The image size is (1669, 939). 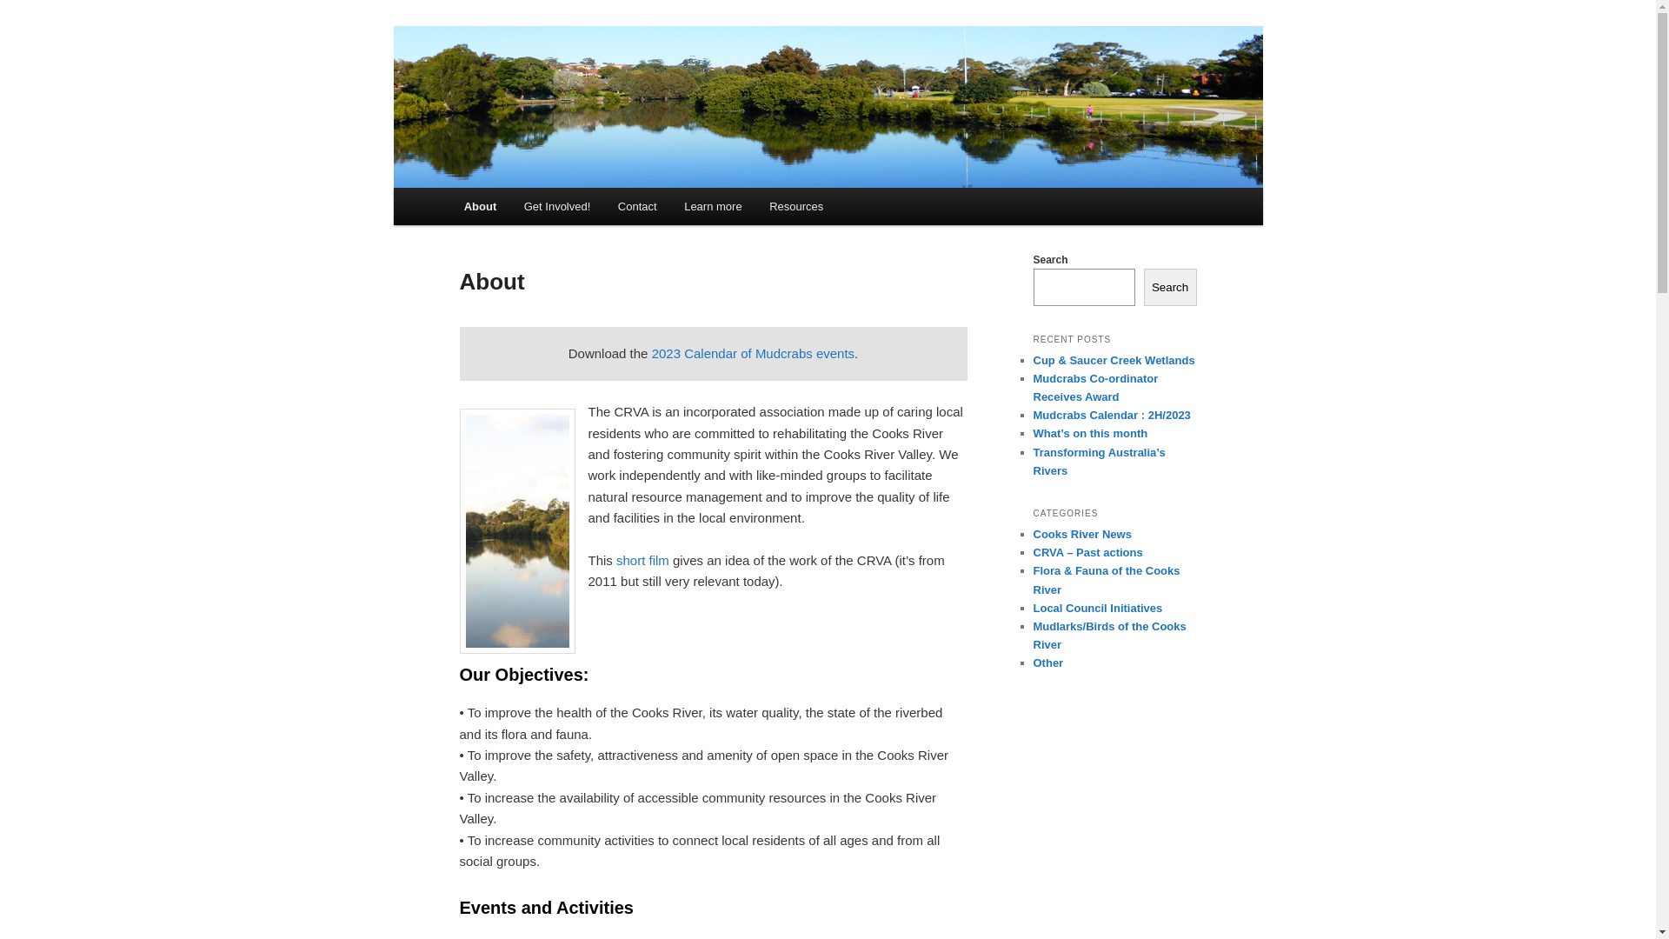 What do you see at coordinates (1108, 636) in the screenshot?
I see `'Mudlarks/Birds of the Cooks River'` at bounding box center [1108, 636].